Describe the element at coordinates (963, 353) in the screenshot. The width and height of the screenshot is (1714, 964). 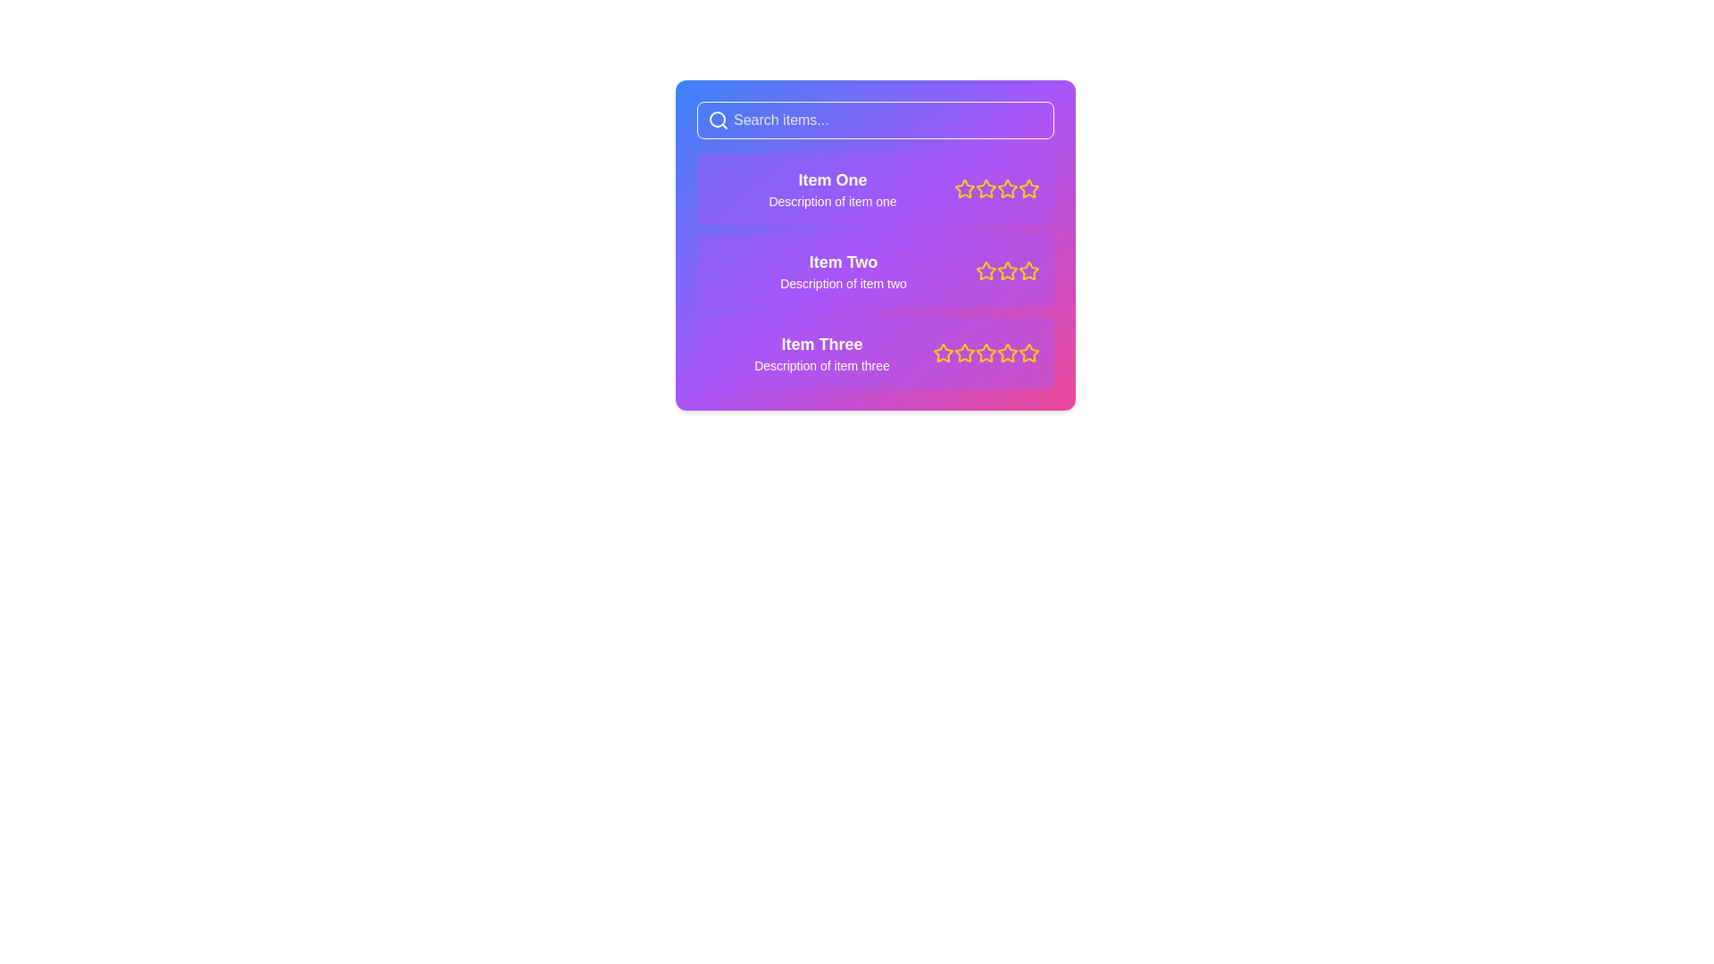
I see `the second yellow outlined star icon in the rating stars set for 'Item Three', which is positioned below the search bar` at that location.